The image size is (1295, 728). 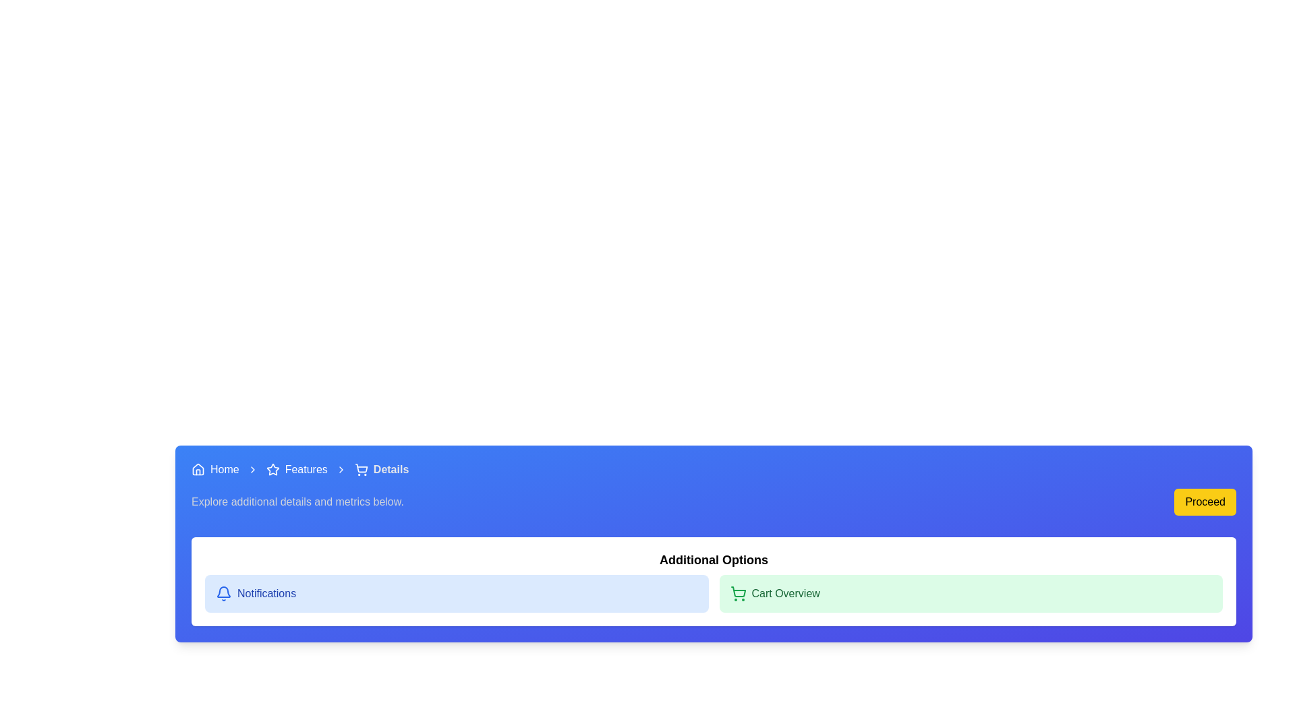 What do you see at coordinates (266, 593) in the screenshot?
I see `the 'Notifications' text label, which is styled in medium-sized blue font and positioned to the right of a bell icon within a rounded blue background box` at bounding box center [266, 593].